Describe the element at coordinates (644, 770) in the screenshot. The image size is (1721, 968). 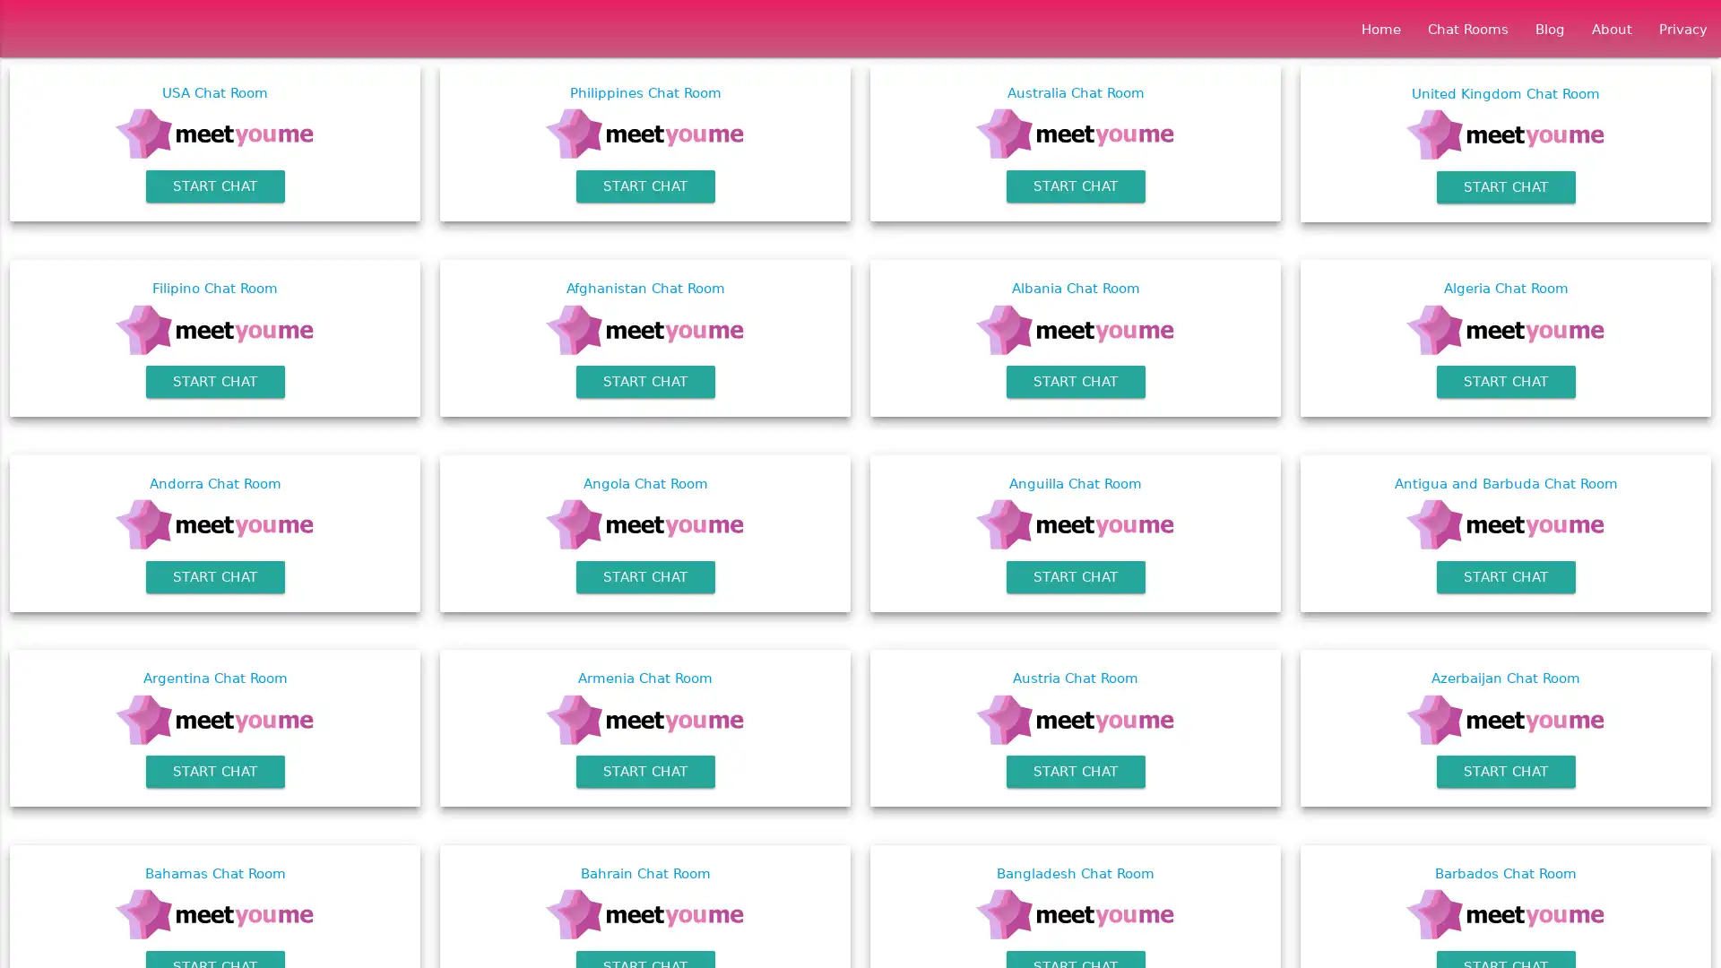
I see `START CHAT` at that location.